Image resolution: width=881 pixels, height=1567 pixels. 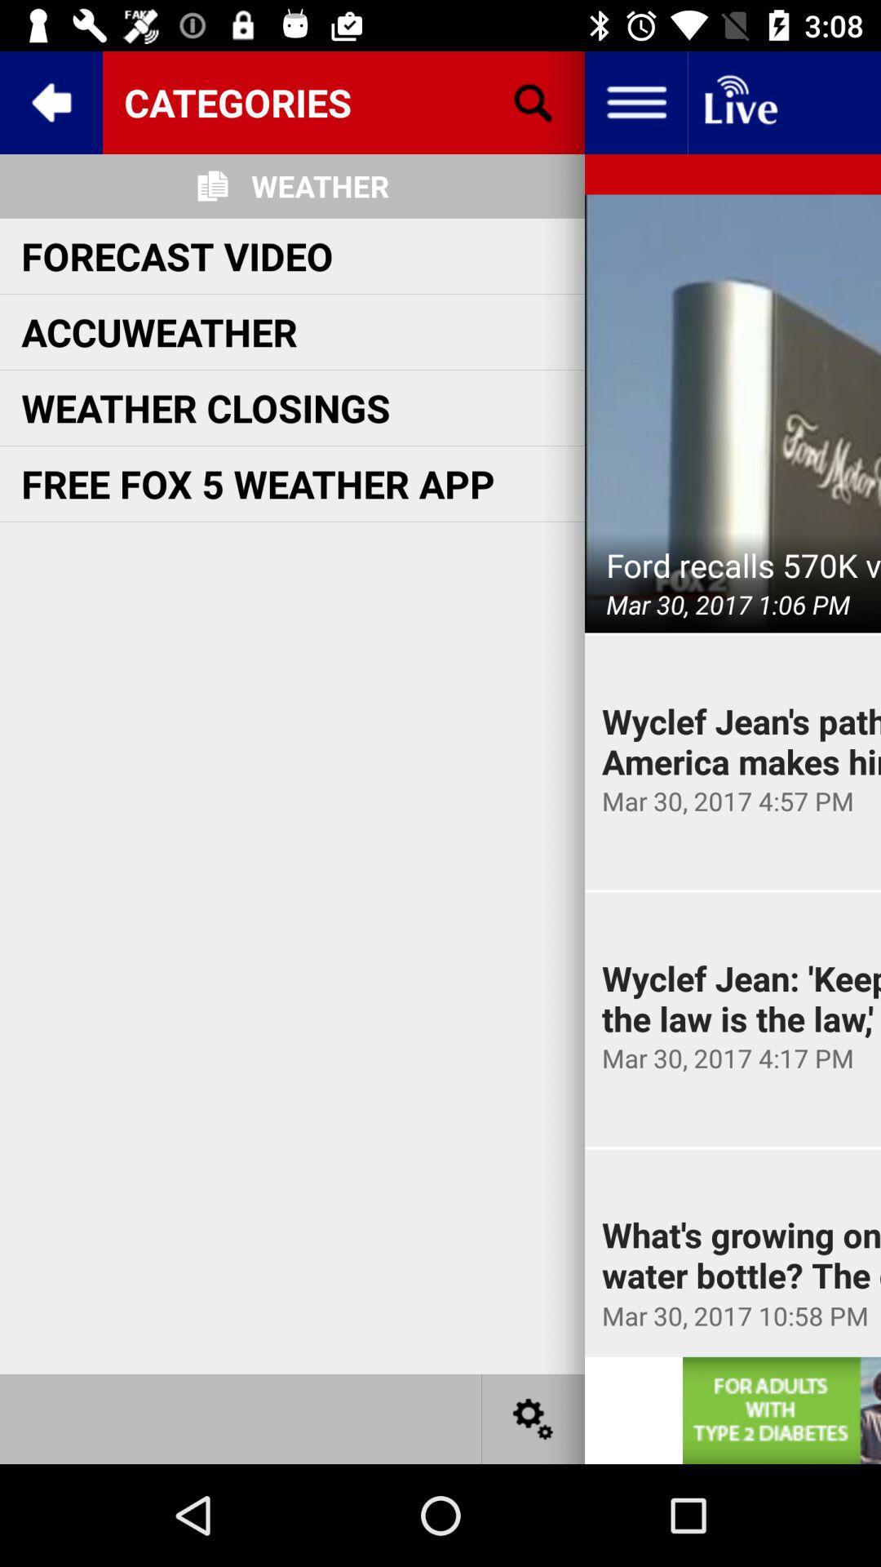 I want to click on start search, so click(x=533, y=101).